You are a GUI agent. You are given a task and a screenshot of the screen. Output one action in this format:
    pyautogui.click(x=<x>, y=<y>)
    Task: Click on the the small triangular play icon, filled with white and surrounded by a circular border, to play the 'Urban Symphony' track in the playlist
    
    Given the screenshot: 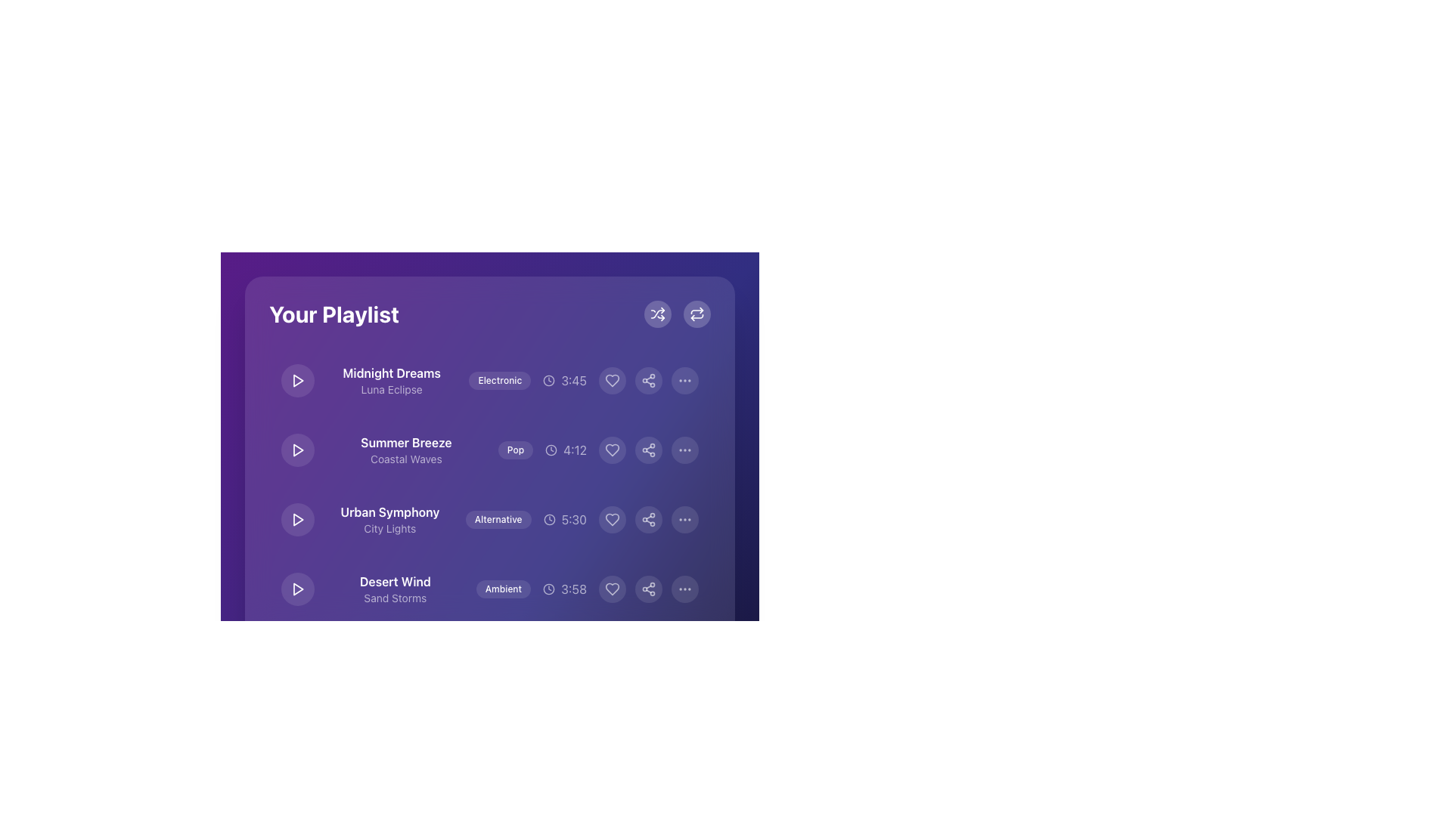 What is the action you would take?
    pyautogui.click(x=298, y=518)
    